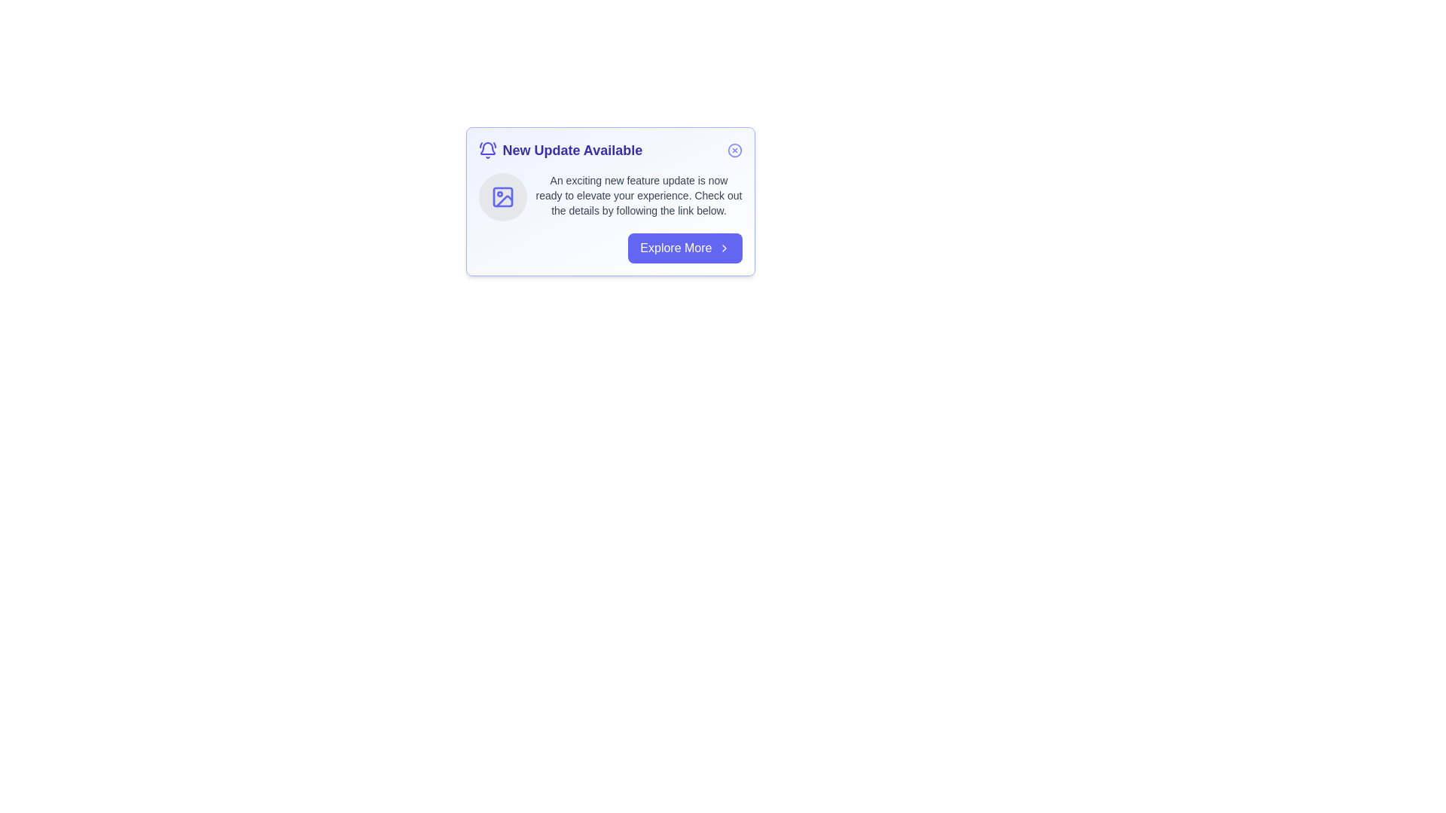  I want to click on the bell icon to observe its visual representation, so click(487, 151).